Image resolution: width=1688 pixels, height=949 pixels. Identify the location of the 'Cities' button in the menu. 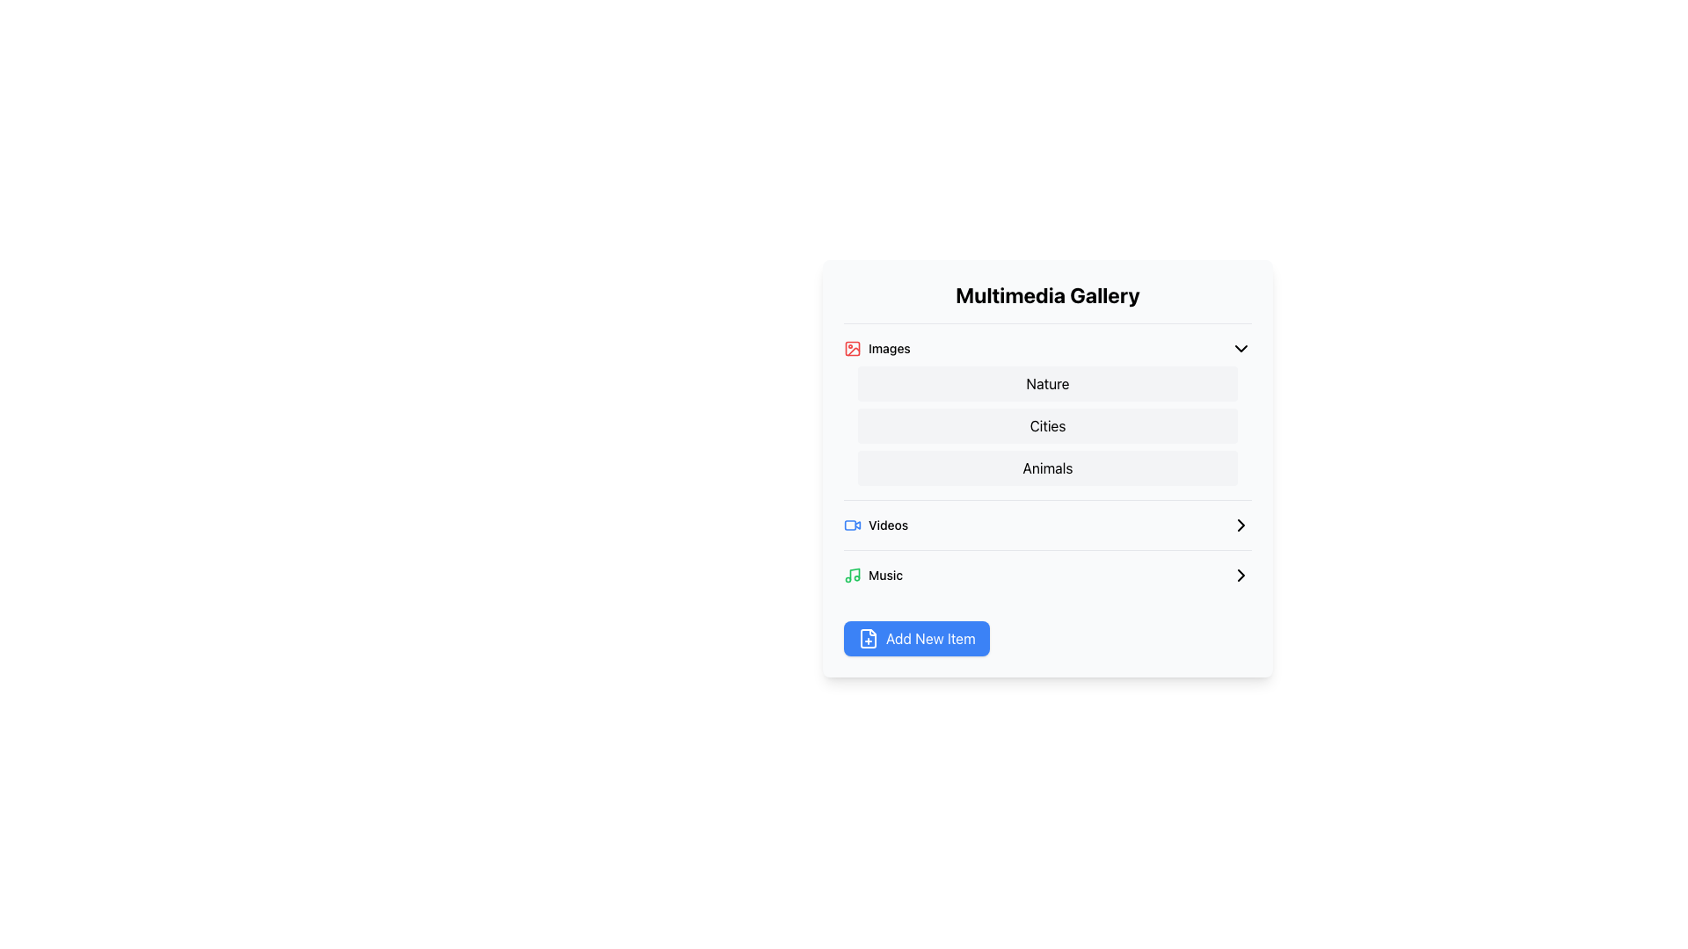
(1047, 426).